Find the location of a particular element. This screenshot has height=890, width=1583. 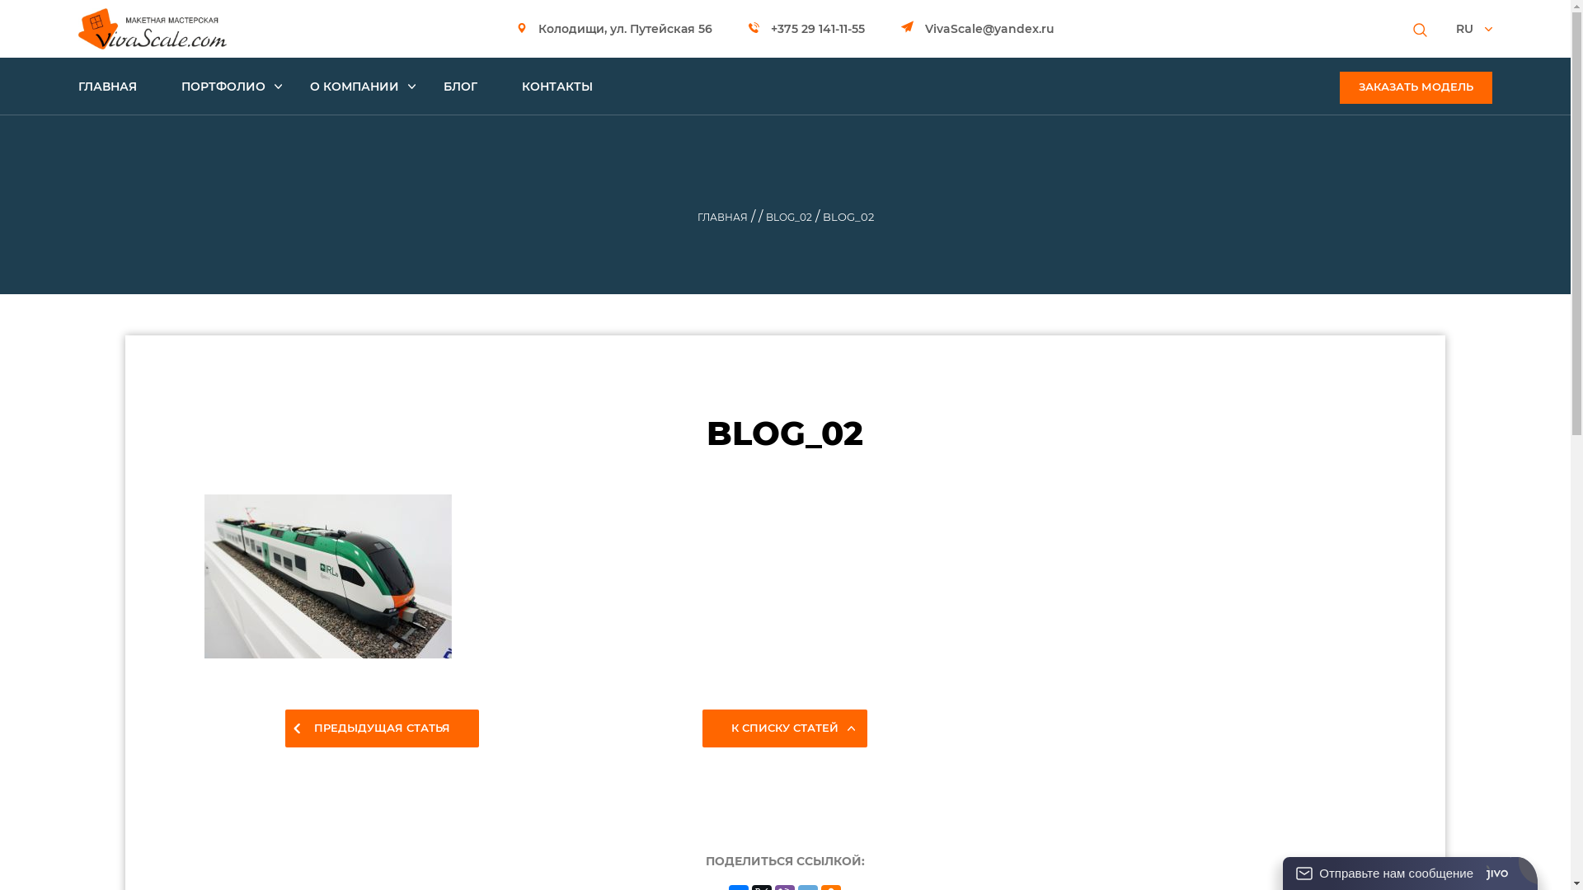

'+375 29 141-11-55' is located at coordinates (747, 28).